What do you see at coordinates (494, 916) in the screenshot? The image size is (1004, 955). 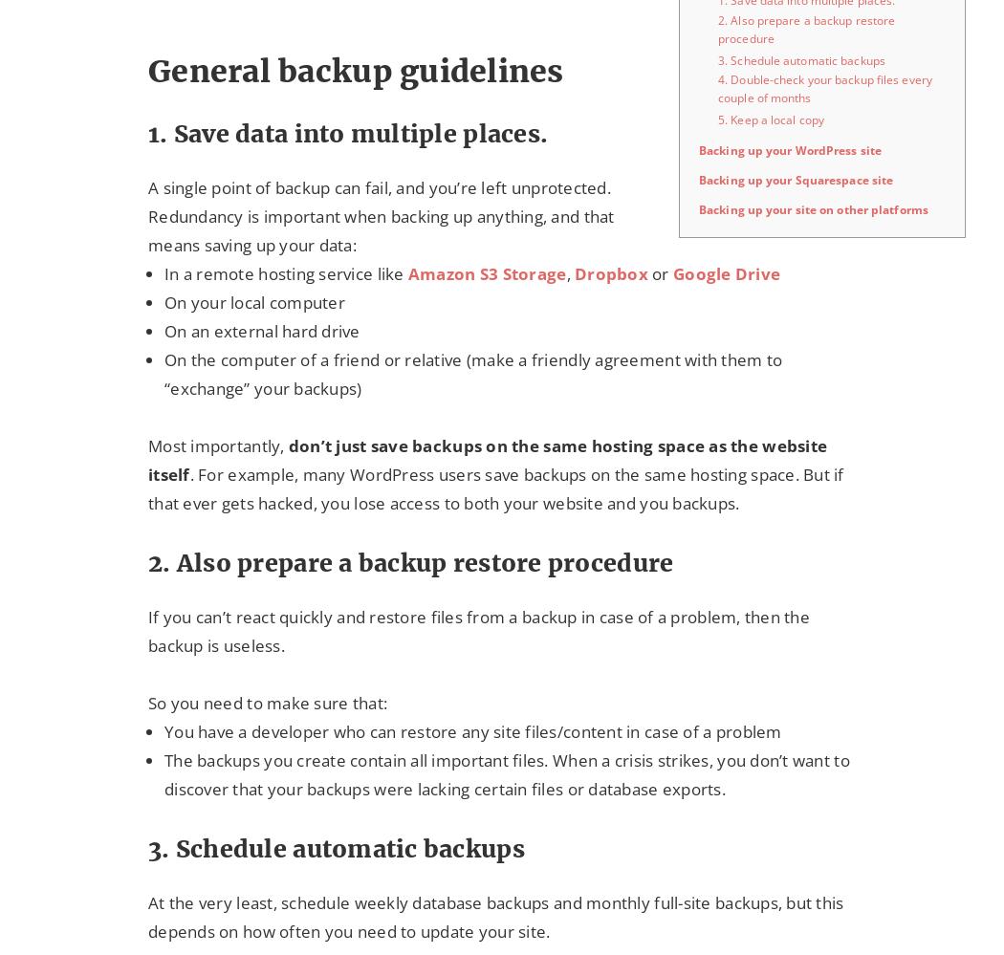 I see `'At the very least, schedule weekly database backups and monthly full-site backups, but this depends on how often you need to update your site.'` at bounding box center [494, 916].